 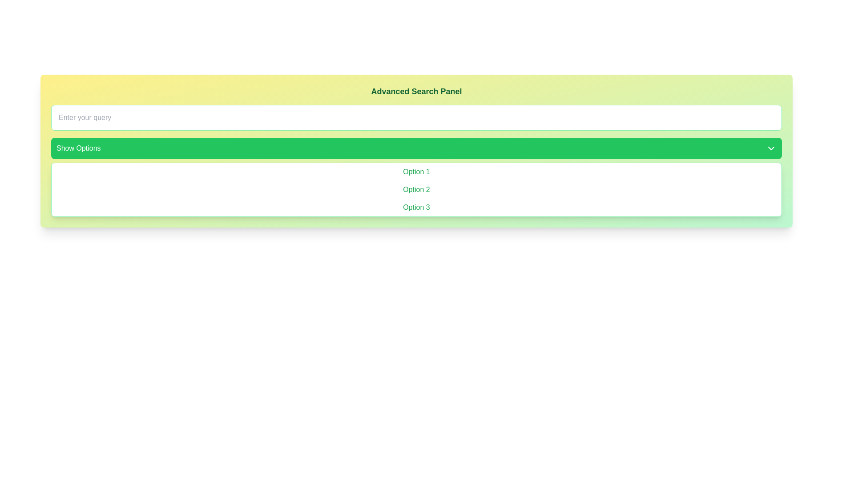 I want to click on text label 'Option 1' which is a green font static menu item located at the top of a vertically-stacked list of options, so click(x=416, y=172).